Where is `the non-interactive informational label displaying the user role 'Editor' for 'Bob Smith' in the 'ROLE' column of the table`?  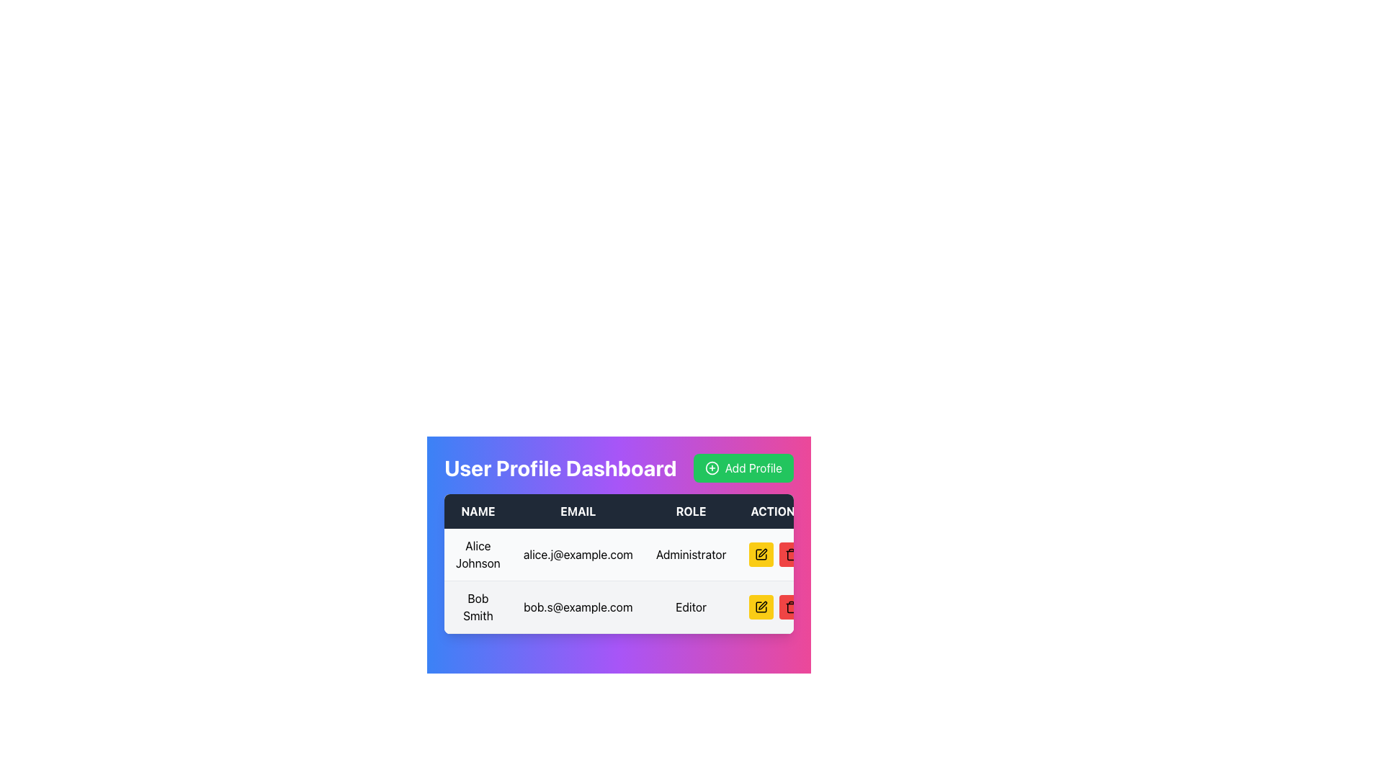 the non-interactive informational label displaying the user role 'Editor' for 'Bob Smith' in the 'ROLE' column of the table is located at coordinates (690, 607).